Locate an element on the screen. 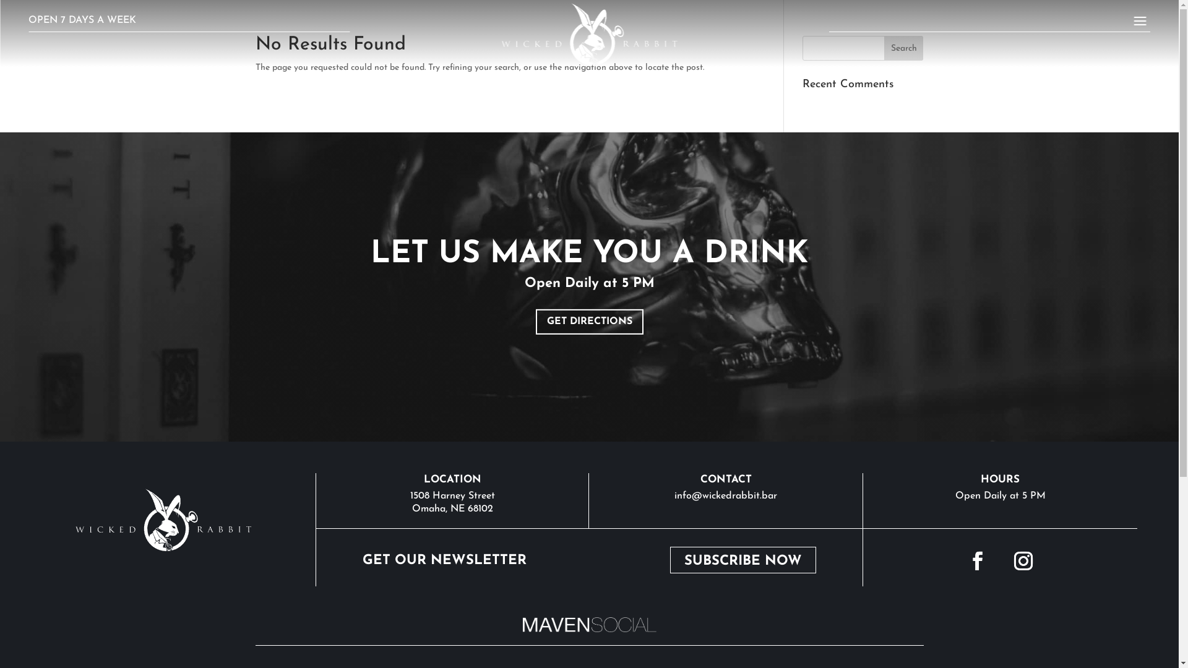 The width and height of the screenshot is (1188, 668). 'mavensocial_logo_white' is located at coordinates (588, 625).